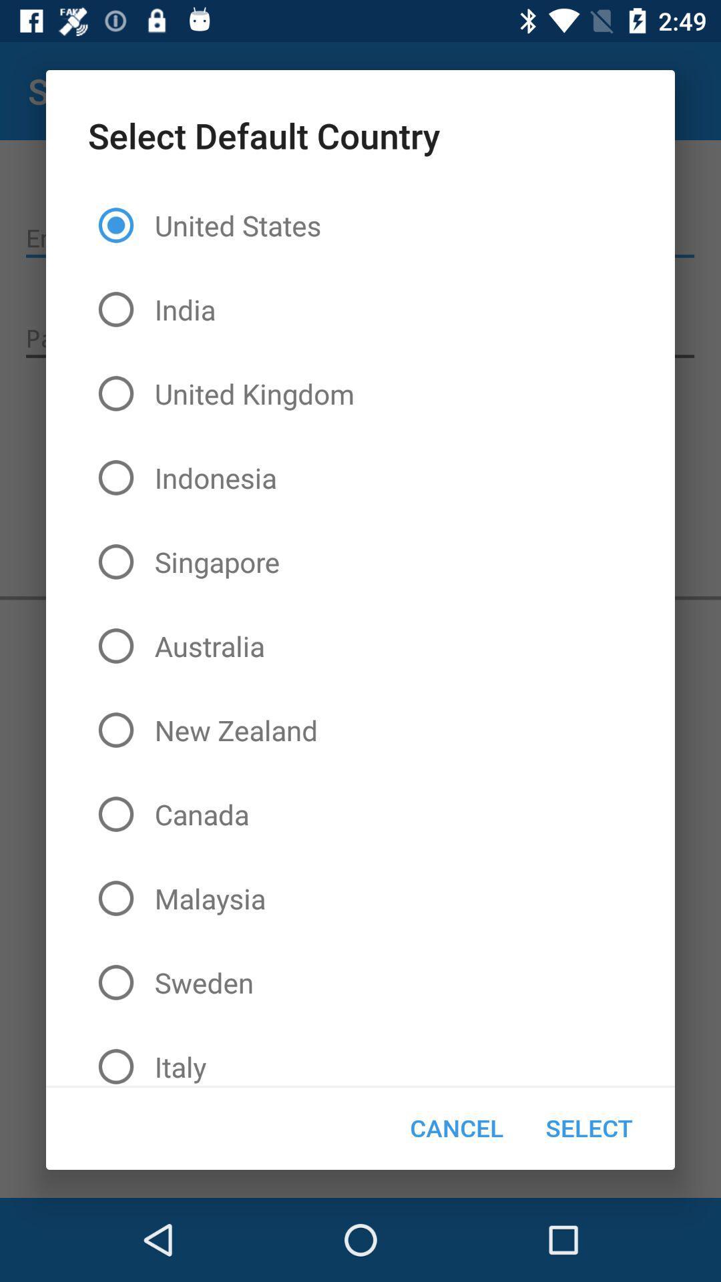 This screenshot has height=1282, width=721. What do you see at coordinates (456, 1127) in the screenshot?
I see `item next to the select icon` at bounding box center [456, 1127].